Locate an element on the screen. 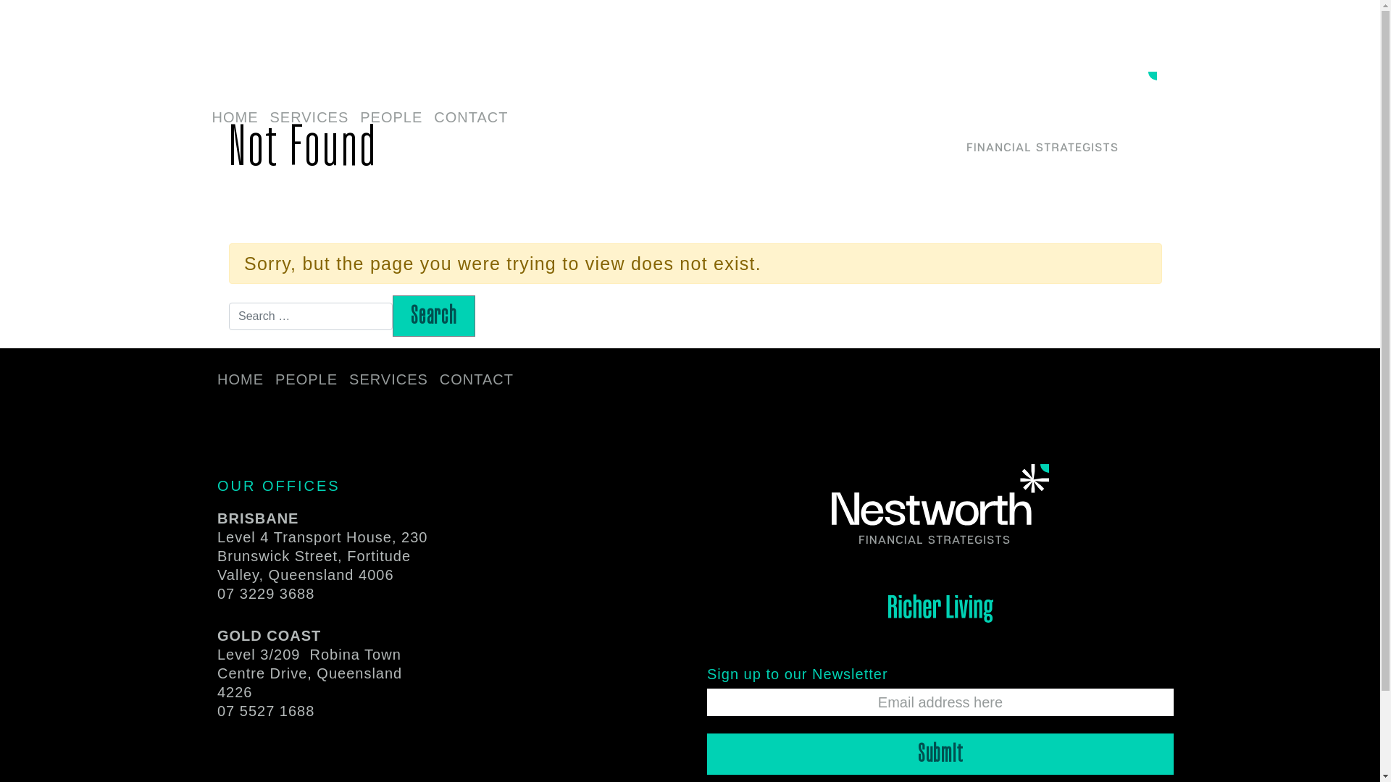 Image resolution: width=1391 pixels, height=782 pixels. 'HOME' is located at coordinates (204, 118).